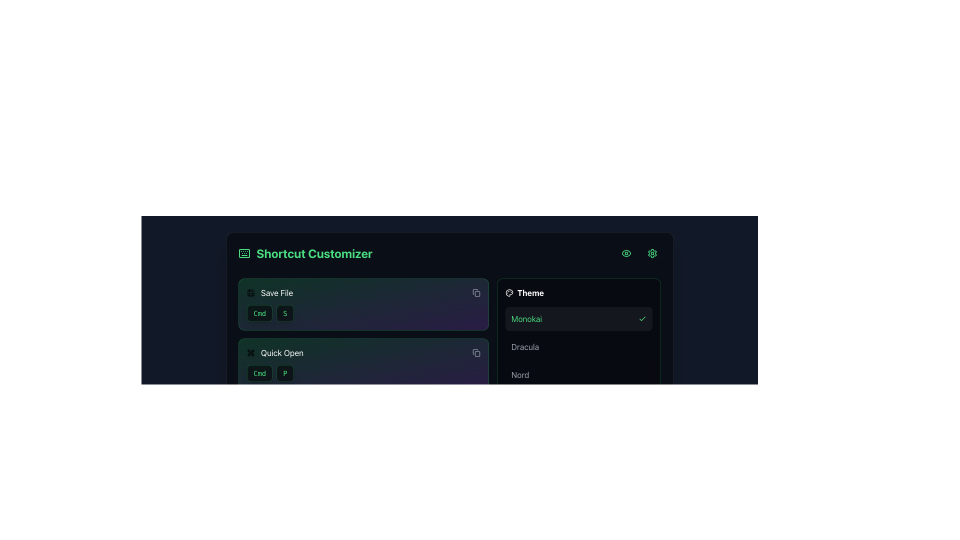  Describe the element at coordinates (579, 374) in the screenshot. I see `the 'Nord' button in the Theme section` at that location.